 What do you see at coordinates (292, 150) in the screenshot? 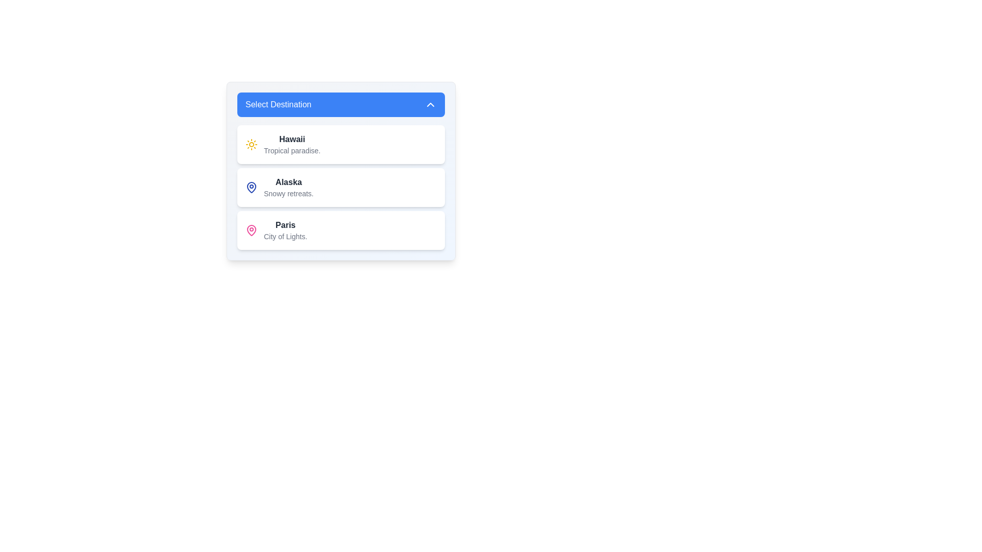
I see `the descriptive tagline text for the item 'Hawaii' within the first card entry of the vertically stacked selection menu` at bounding box center [292, 150].